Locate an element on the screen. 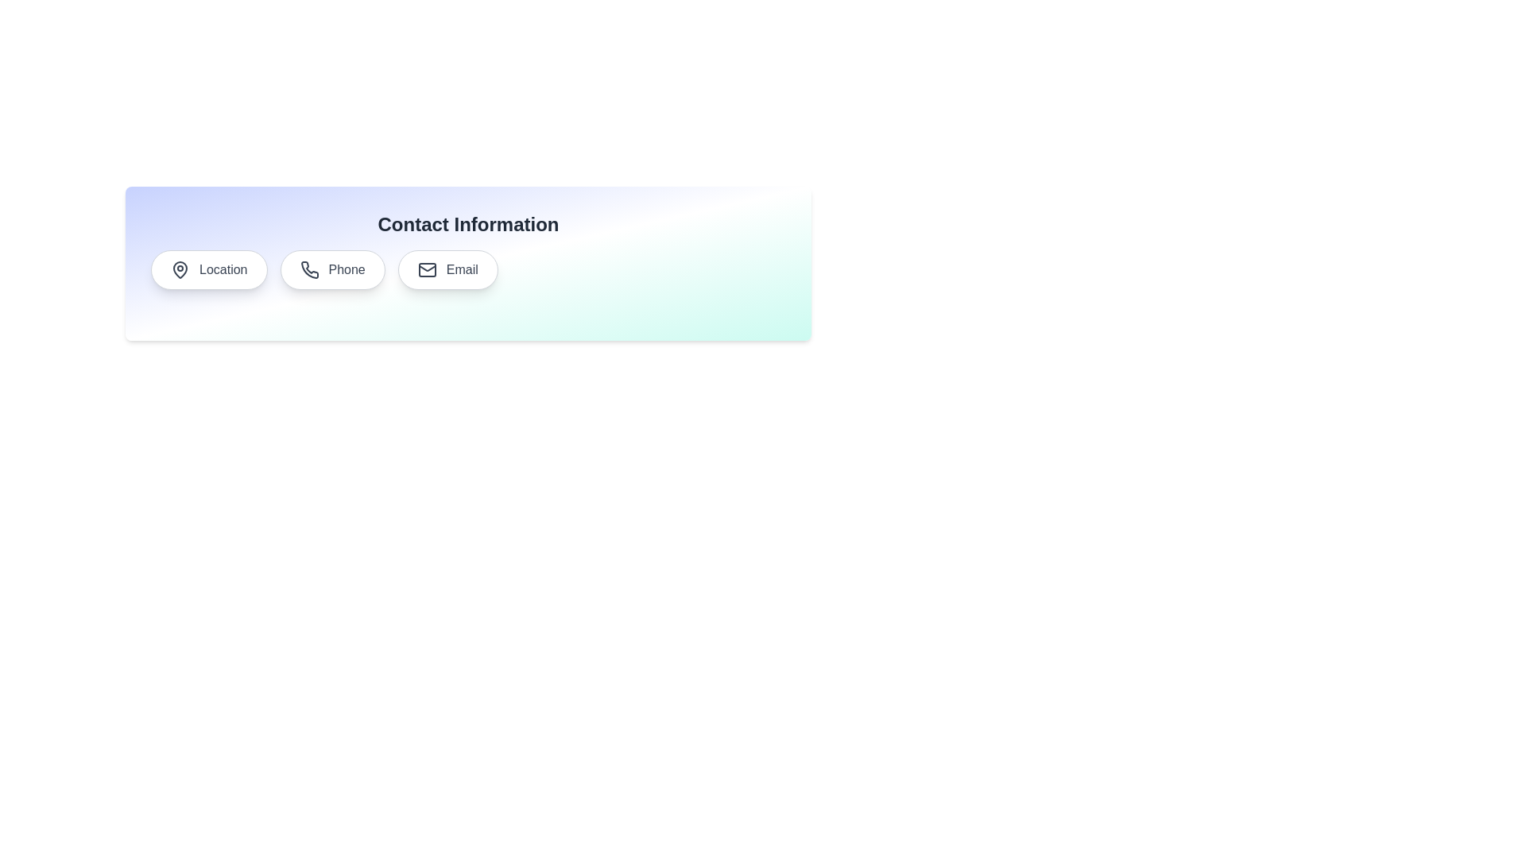 The height and width of the screenshot is (858, 1526). the Email chip to display its contact information is located at coordinates (447, 269).